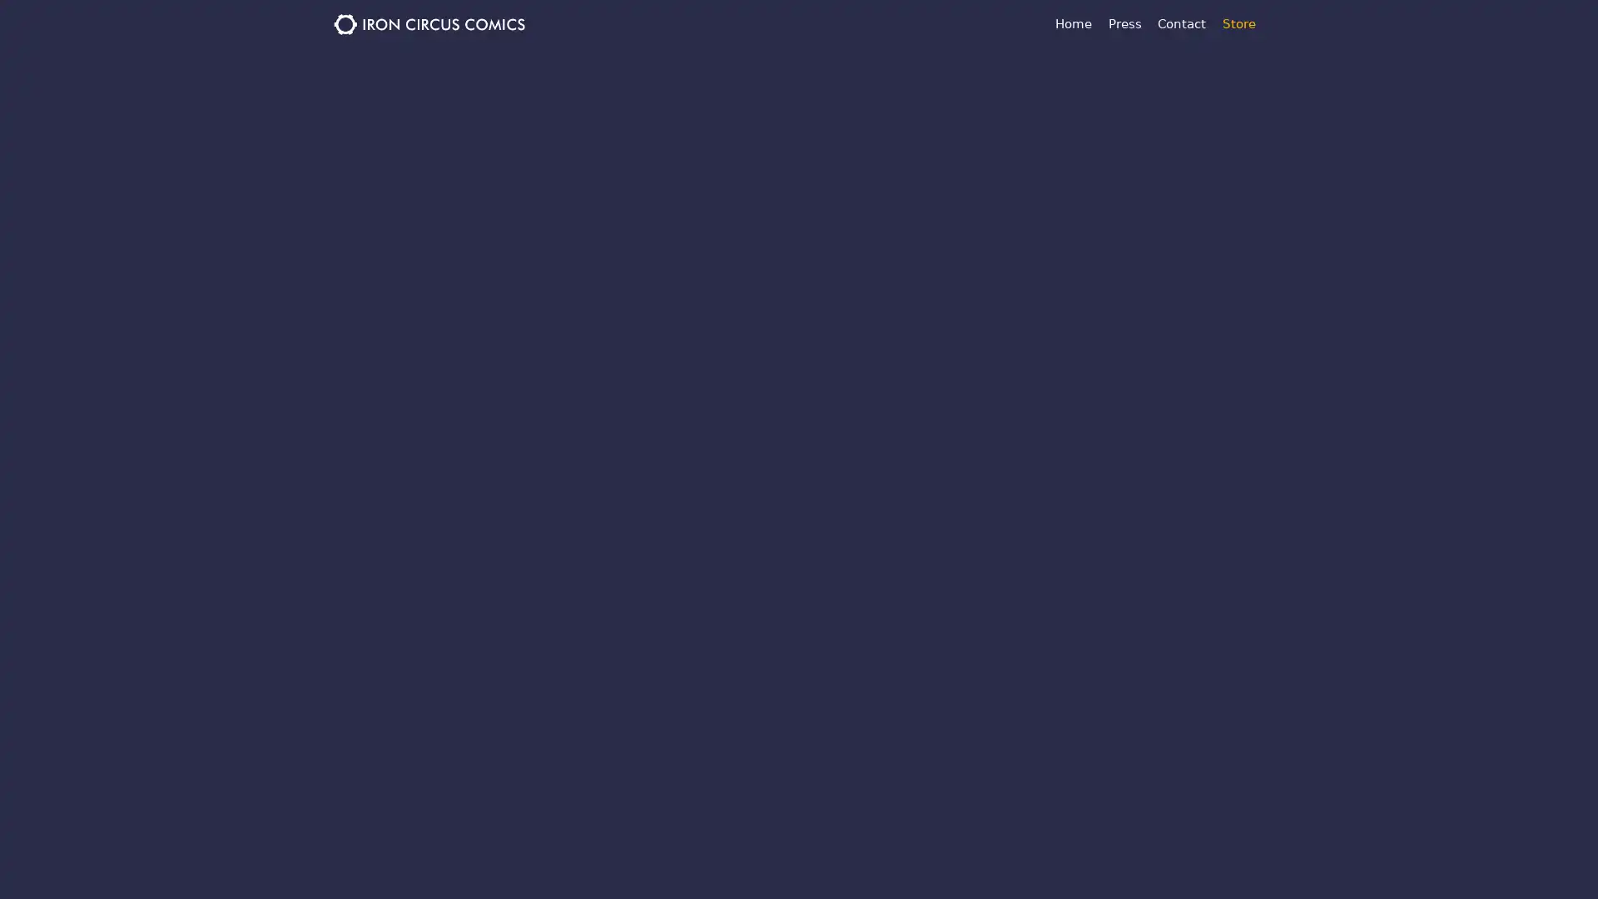 The height and width of the screenshot is (899, 1598). What do you see at coordinates (1073, 216) in the screenshot?
I see `Search` at bounding box center [1073, 216].